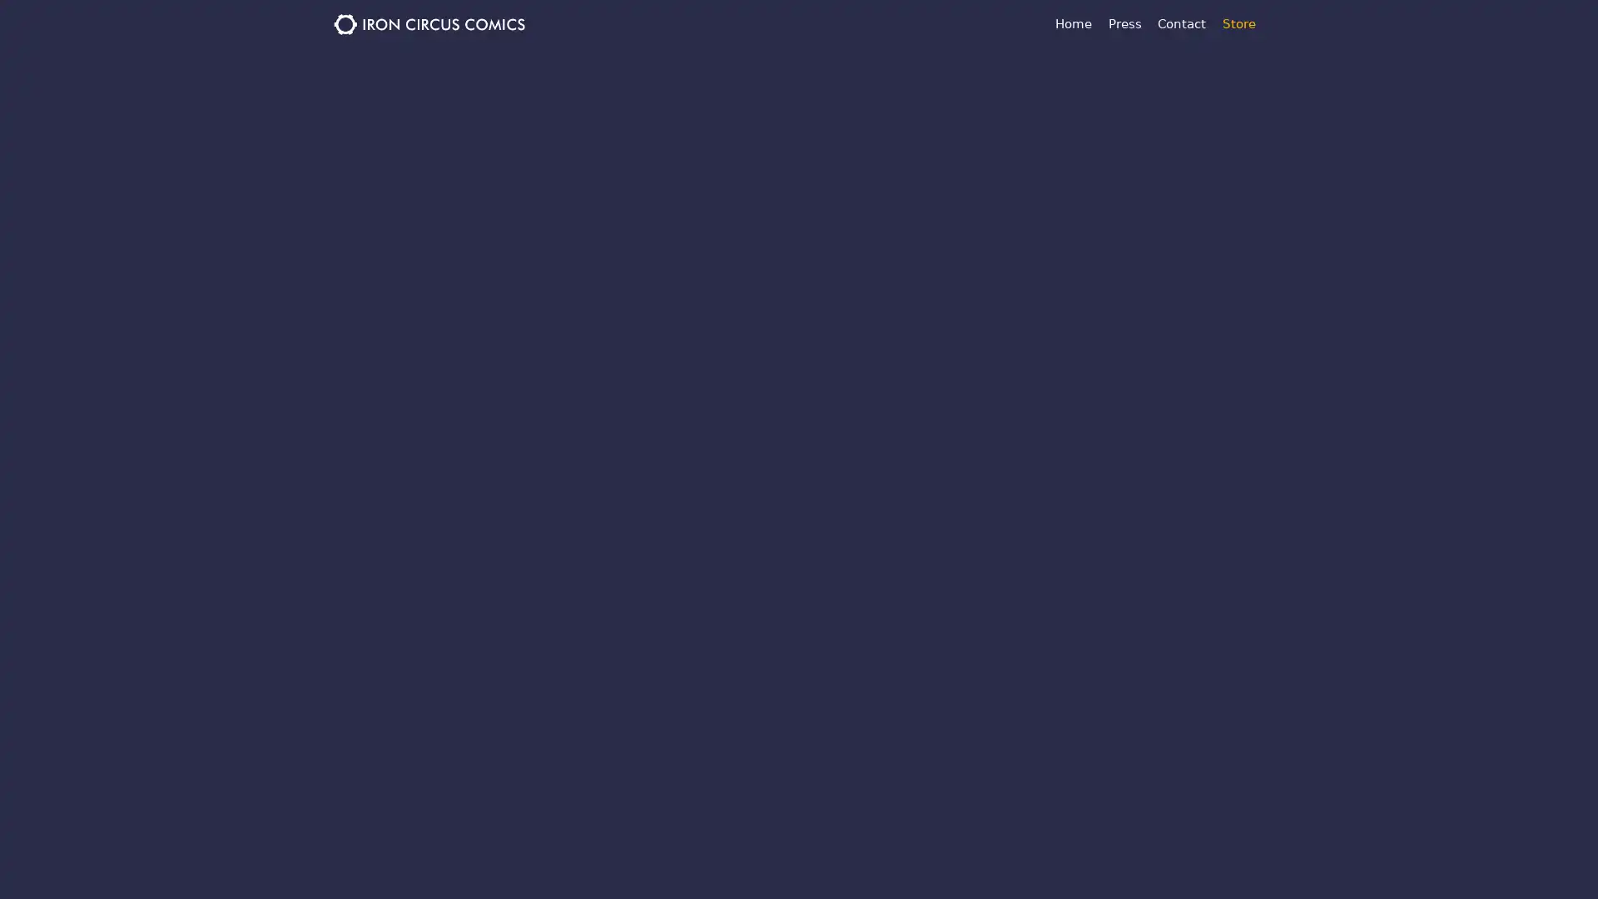 The height and width of the screenshot is (899, 1598). What do you see at coordinates (1073, 216) in the screenshot?
I see `Search` at bounding box center [1073, 216].